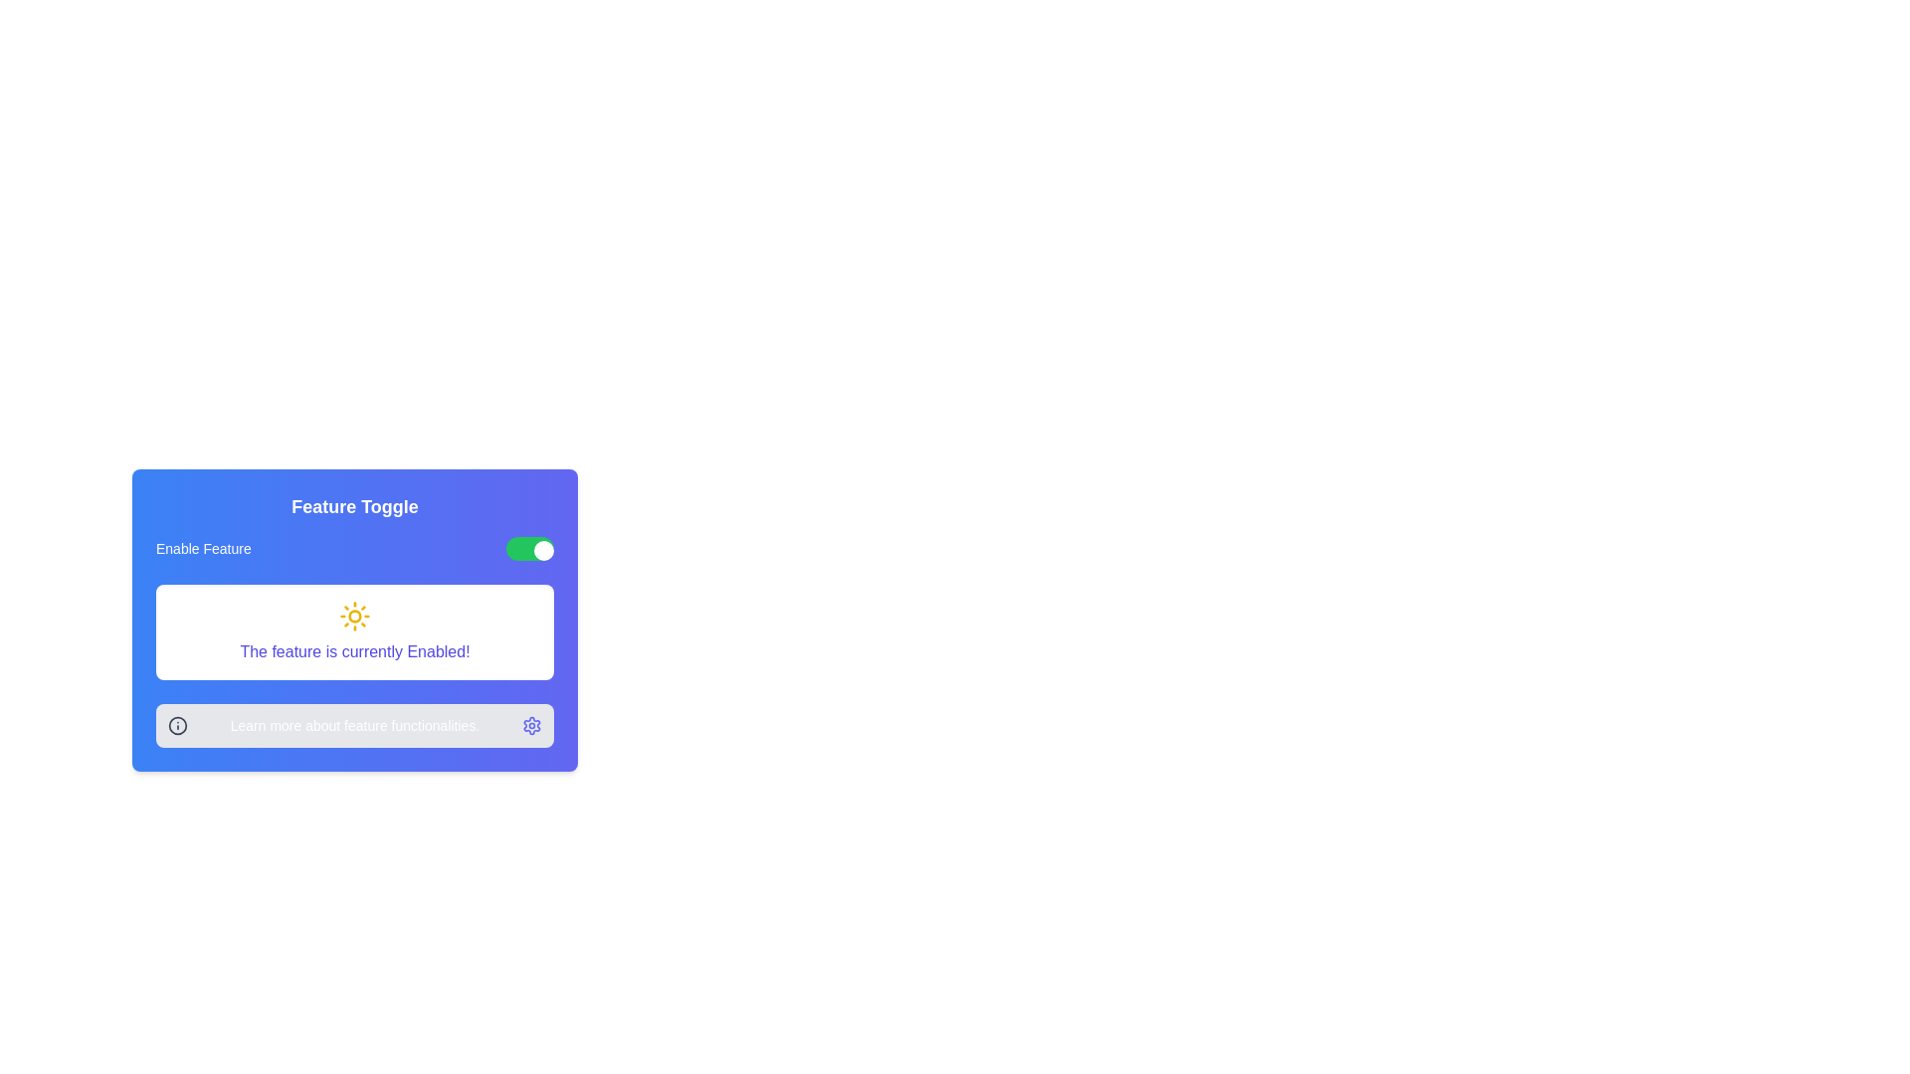 The height and width of the screenshot is (1074, 1910). What do you see at coordinates (531, 725) in the screenshot?
I see `settings icon within the SVG graphical element located at the bottom-right corner of the Feature Toggle dialog to reveal additional options` at bounding box center [531, 725].